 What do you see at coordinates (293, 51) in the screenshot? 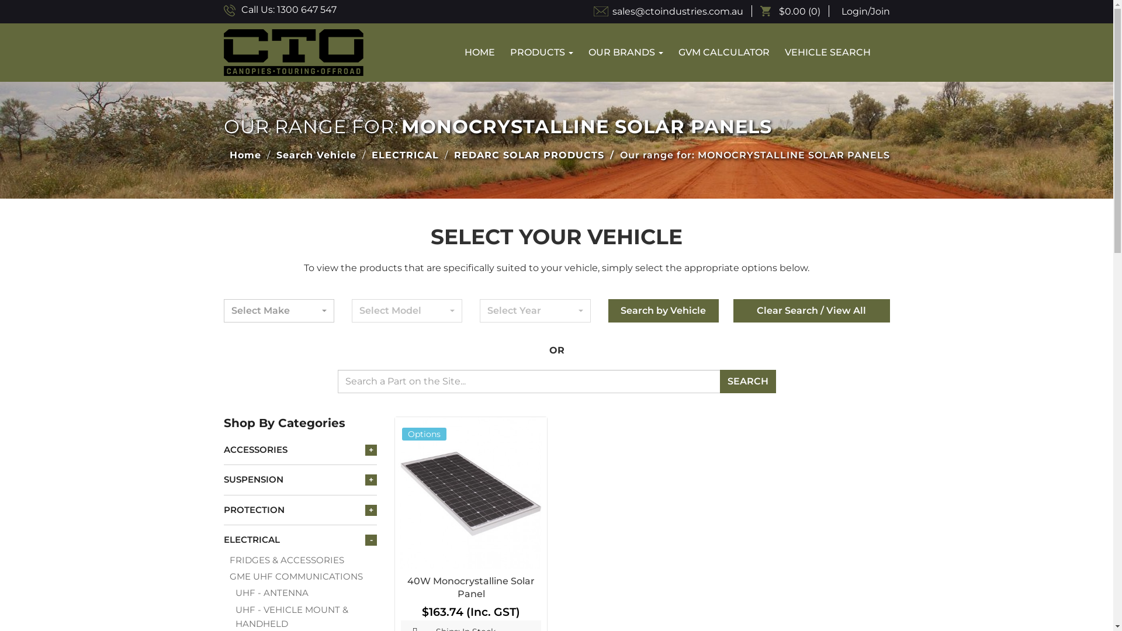
I see `'Canopies Touring Offroad'` at bounding box center [293, 51].